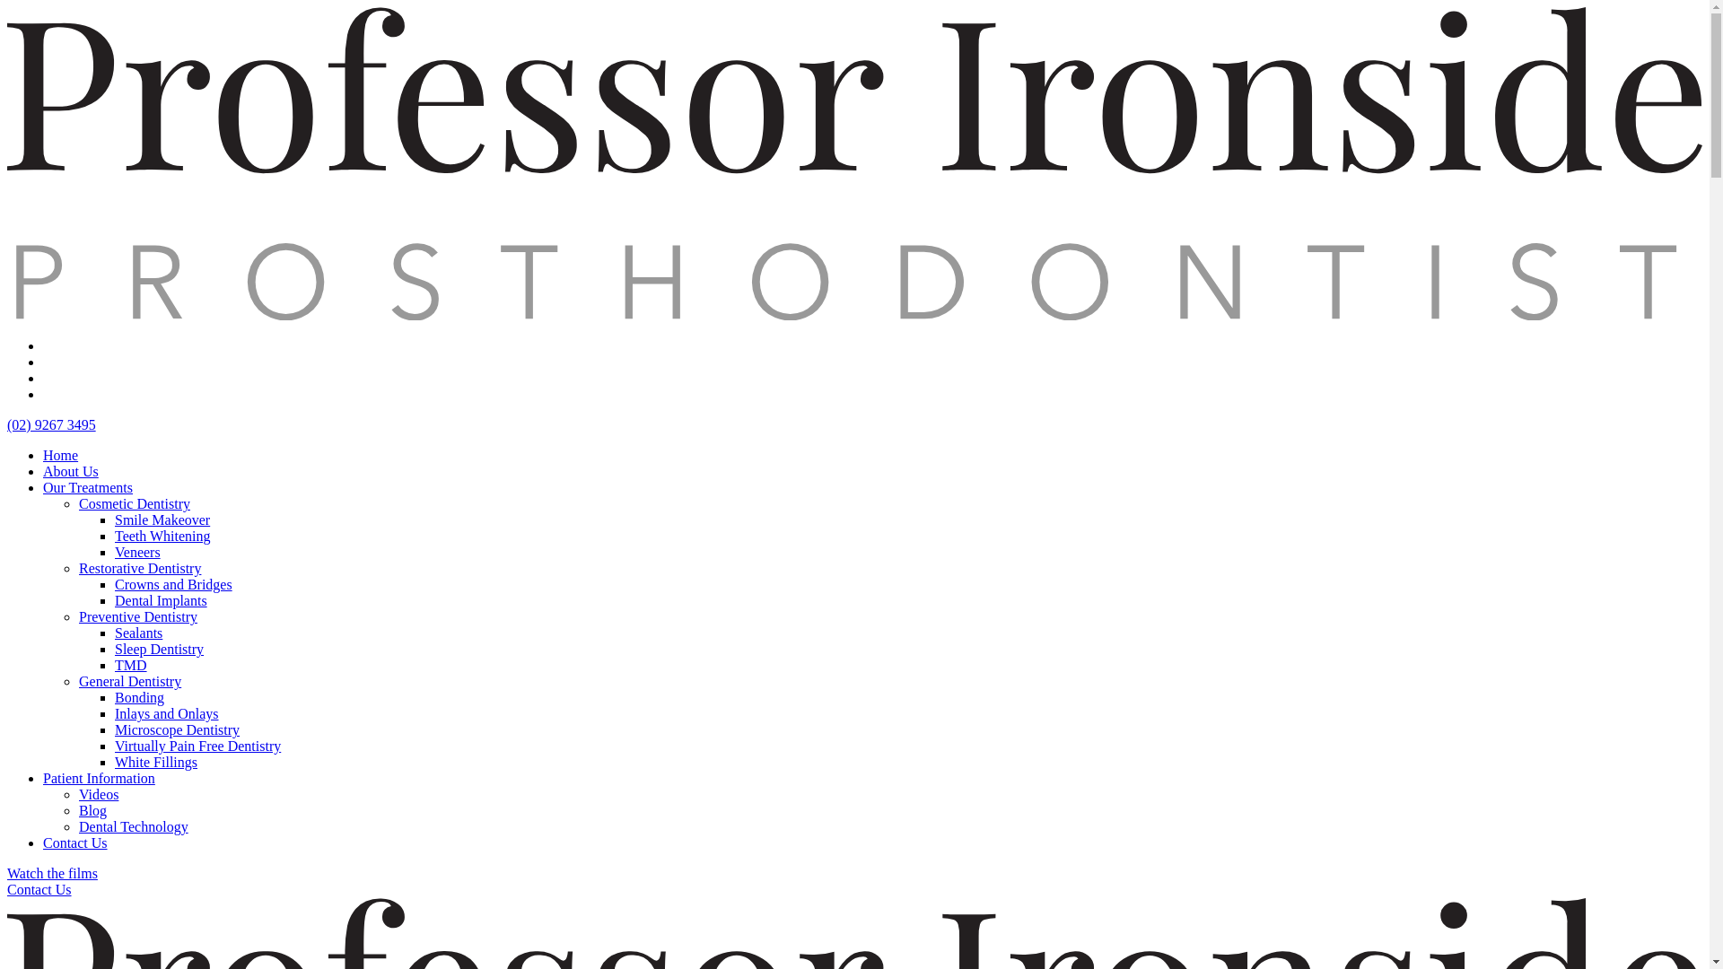 Image resolution: width=1723 pixels, height=969 pixels. I want to click on 'Sleep Dentistry', so click(114, 649).